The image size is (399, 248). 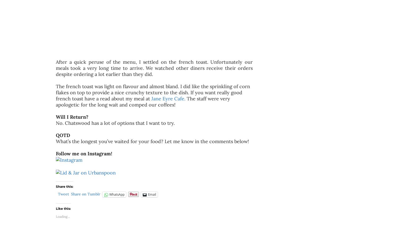 I want to click on 'Will I Return?', so click(x=73, y=117).